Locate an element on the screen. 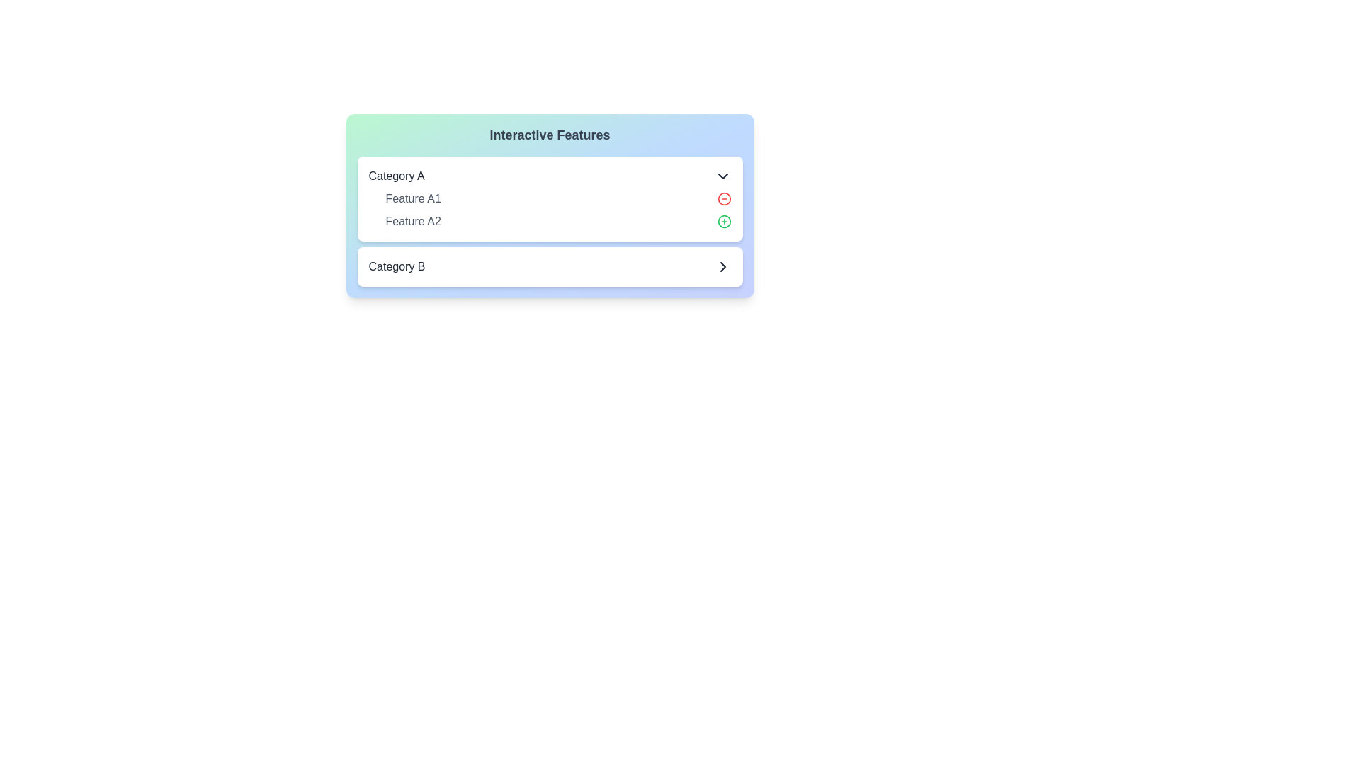  the expandable panel related to 'Category B' is located at coordinates (549, 267).